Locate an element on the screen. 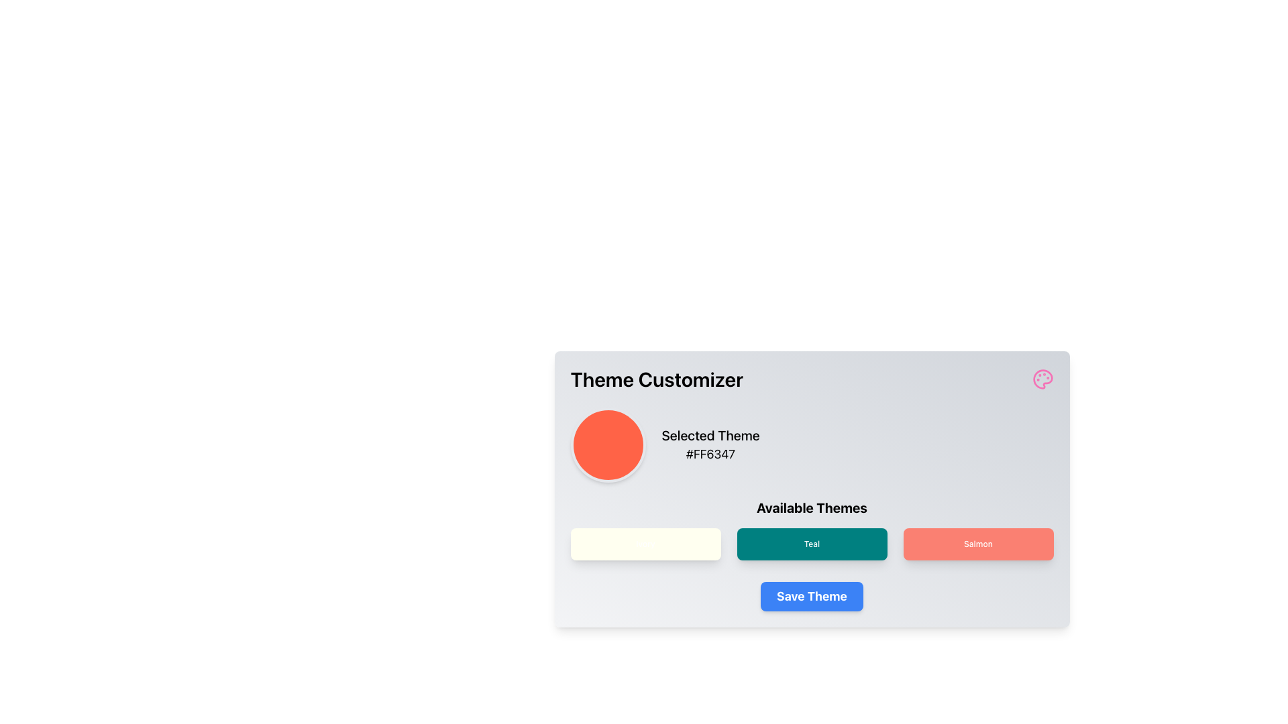 This screenshot has height=724, width=1288. the teal button that displays the word 'Teal' in white text, which is the second option in the grid of themed color blocks under 'Available Themes.' is located at coordinates (811, 544).